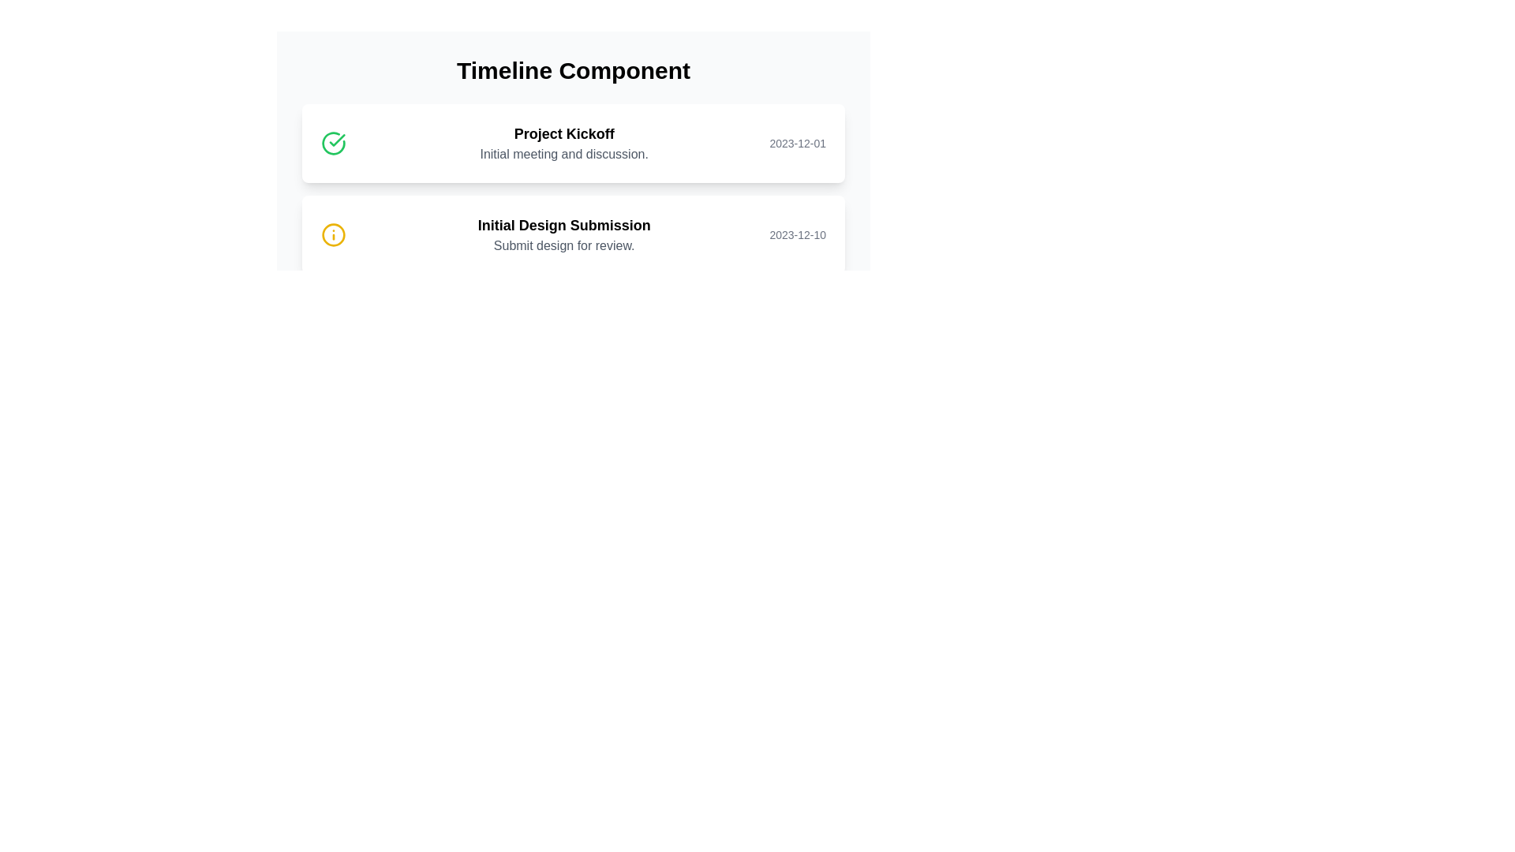 Image resolution: width=1515 pixels, height=852 pixels. I want to click on the static text displaying the date "2023-12-10" located at the top-right corner of the entry labeled "Initial Design Submission", so click(798, 234).